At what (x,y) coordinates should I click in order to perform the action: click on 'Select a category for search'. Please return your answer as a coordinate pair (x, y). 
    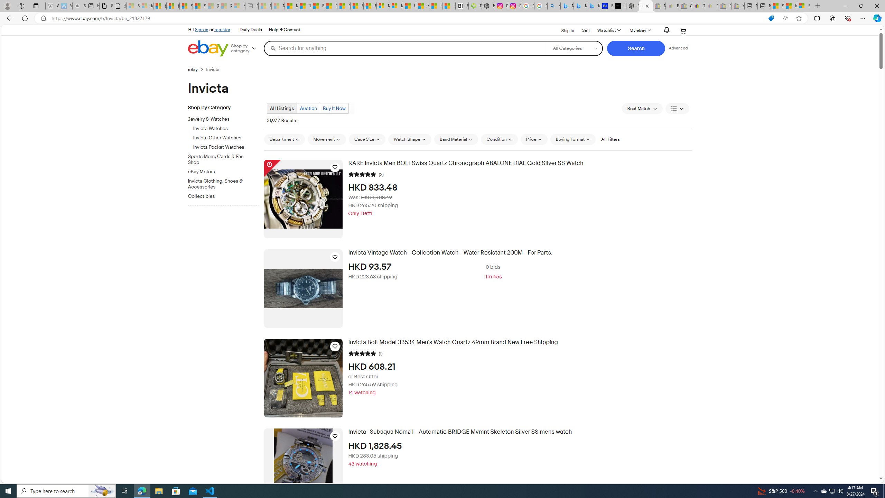
    Looking at the image, I should click on (575, 48).